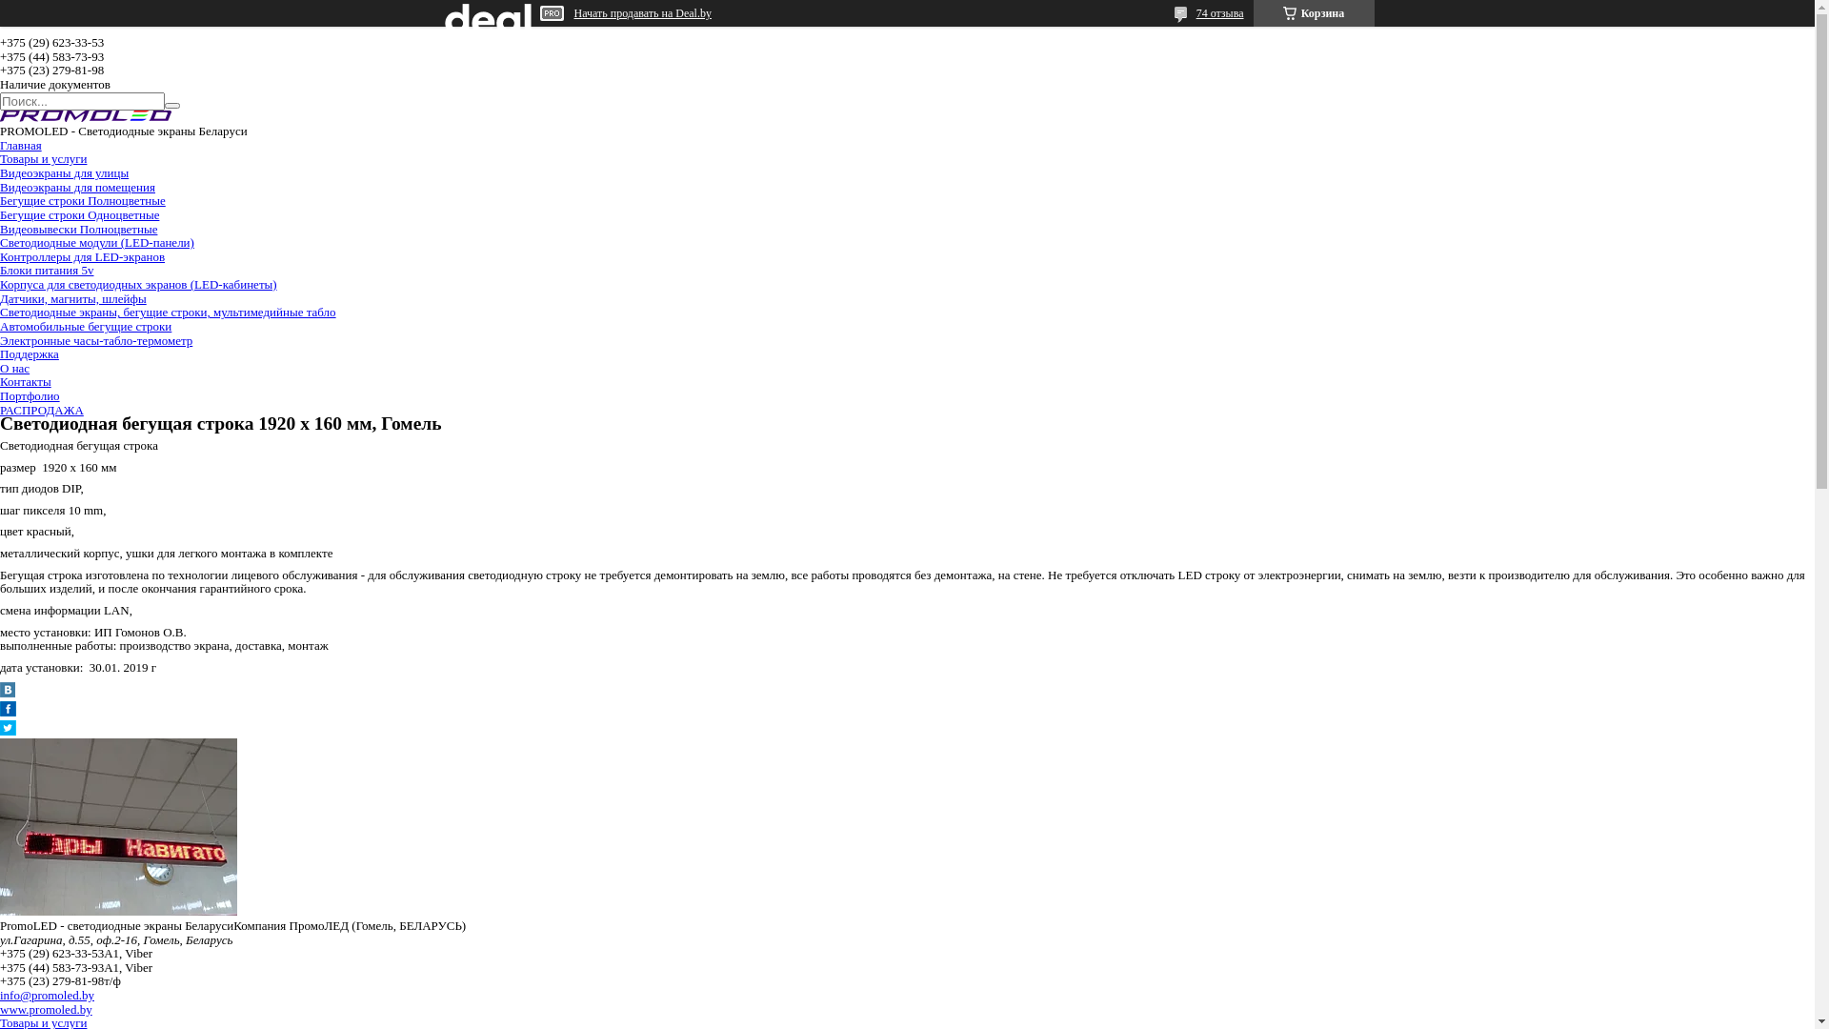  Describe the element at coordinates (8, 712) in the screenshot. I see `'facebook'` at that location.